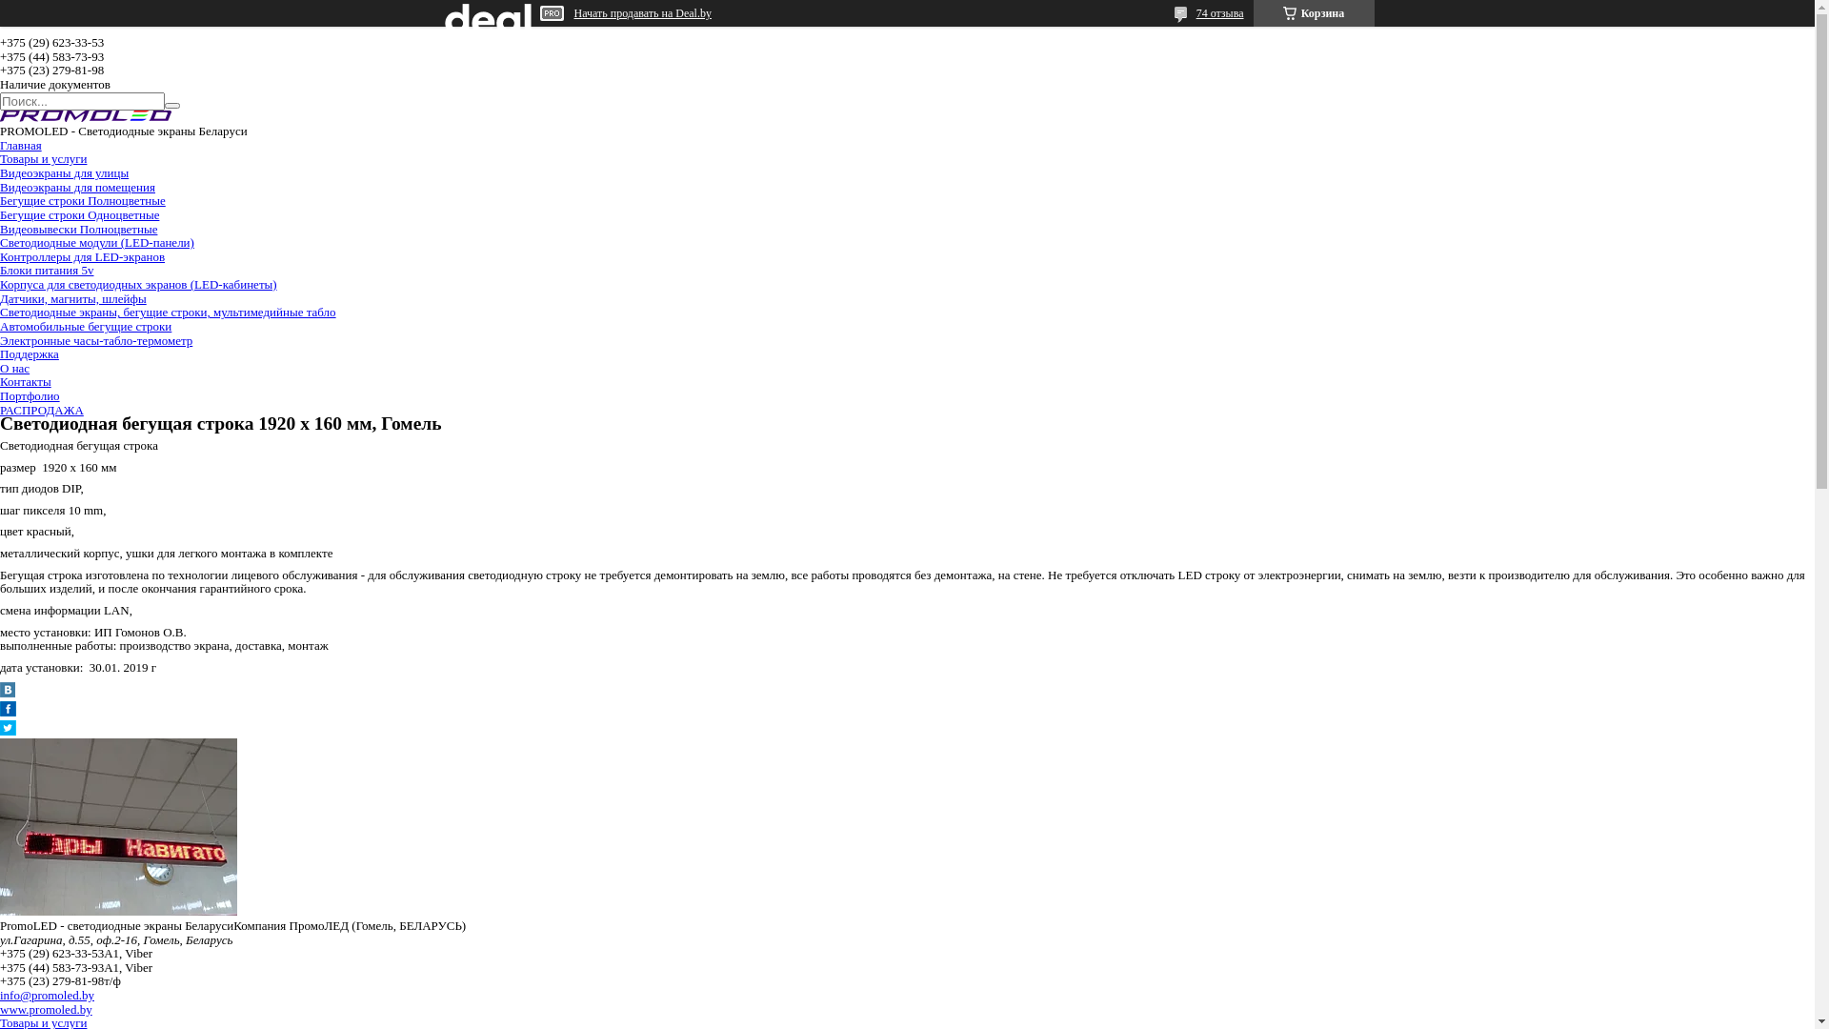  Describe the element at coordinates (8, 712) in the screenshot. I see `'facebook'` at that location.